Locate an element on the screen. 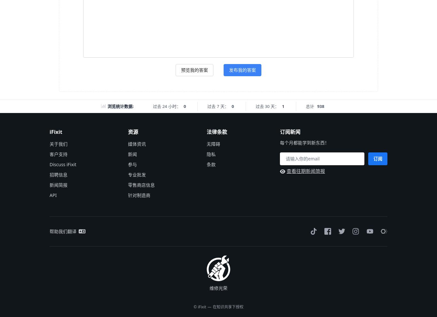  '浏览统计数据:' is located at coordinates (120, 106).